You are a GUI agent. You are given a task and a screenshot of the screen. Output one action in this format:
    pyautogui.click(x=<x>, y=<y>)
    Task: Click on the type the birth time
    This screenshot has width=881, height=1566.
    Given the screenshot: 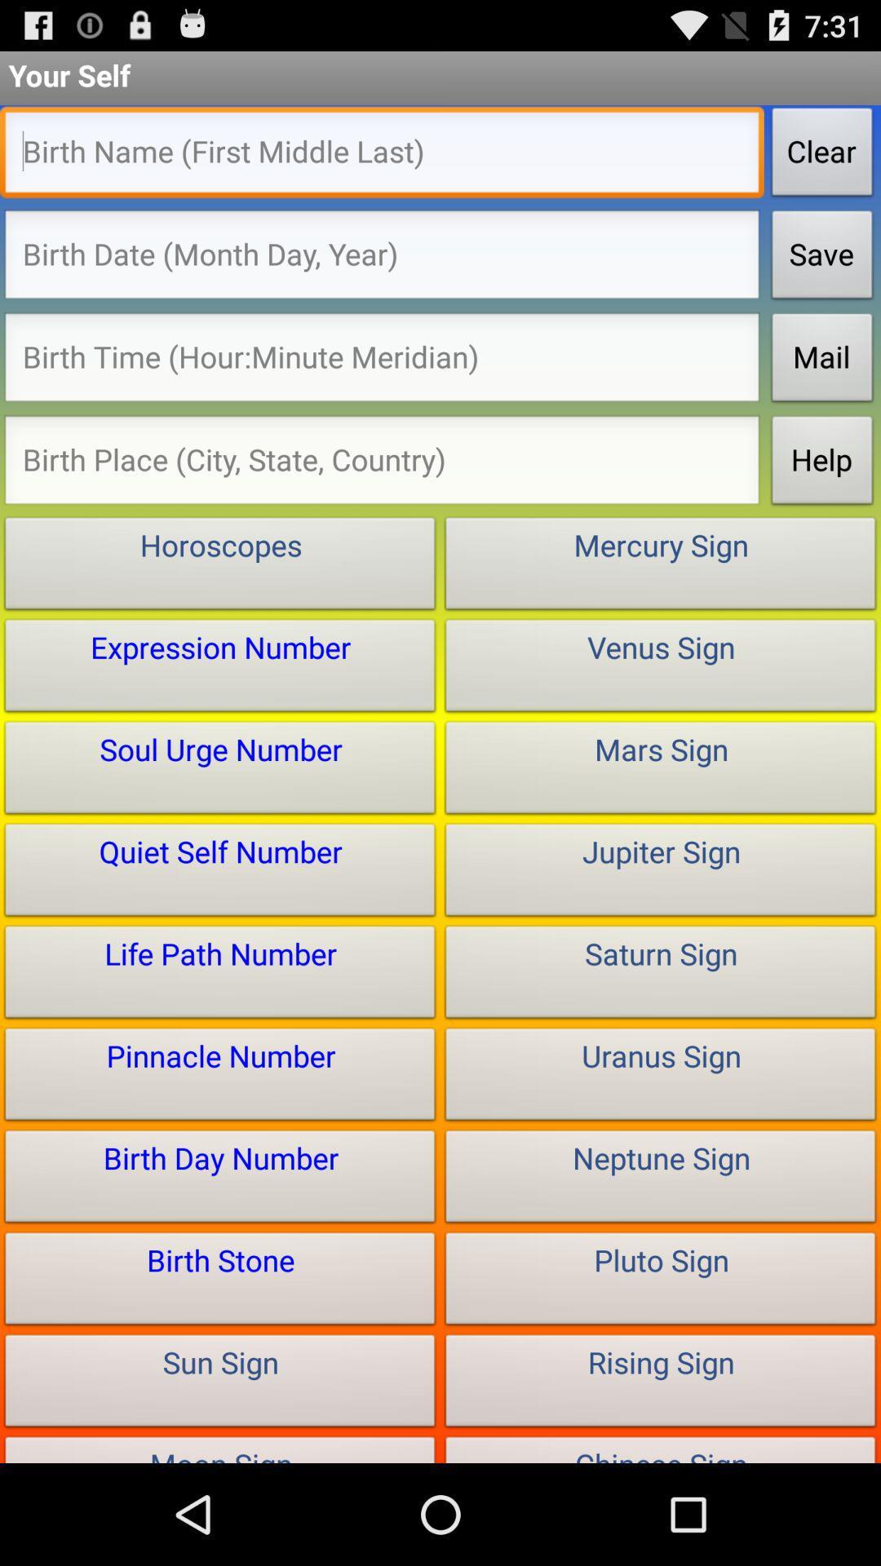 What is the action you would take?
    pyautogui.click(x=382, y=361)
    